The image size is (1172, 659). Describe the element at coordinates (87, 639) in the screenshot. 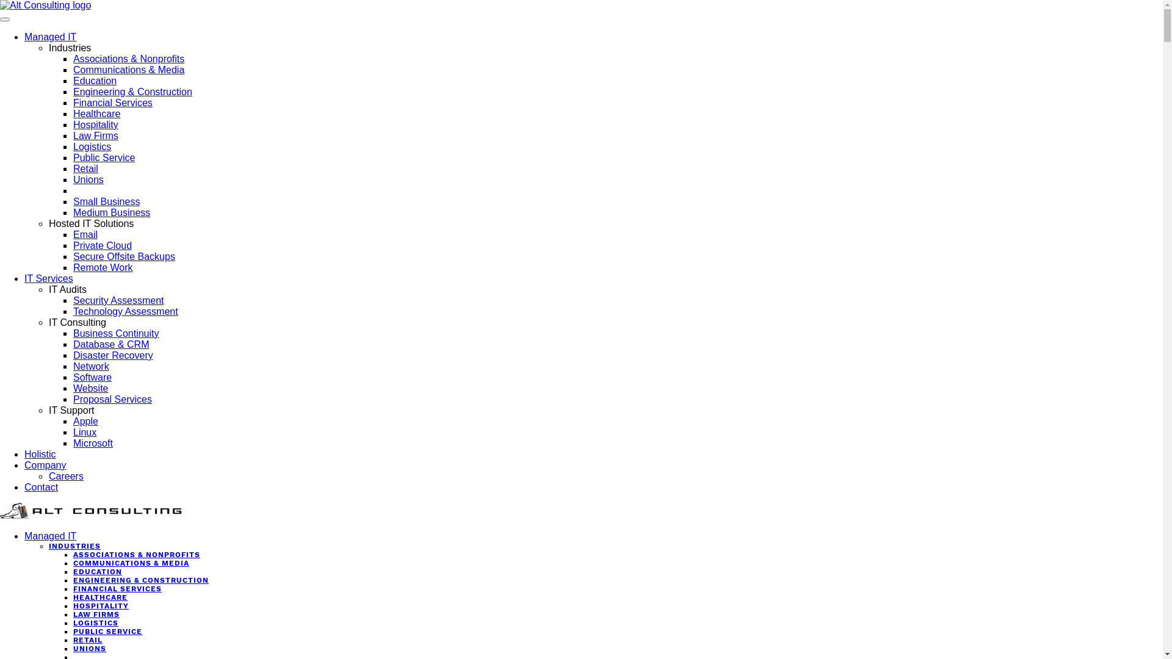

I see `'RETAIL'` at that location.